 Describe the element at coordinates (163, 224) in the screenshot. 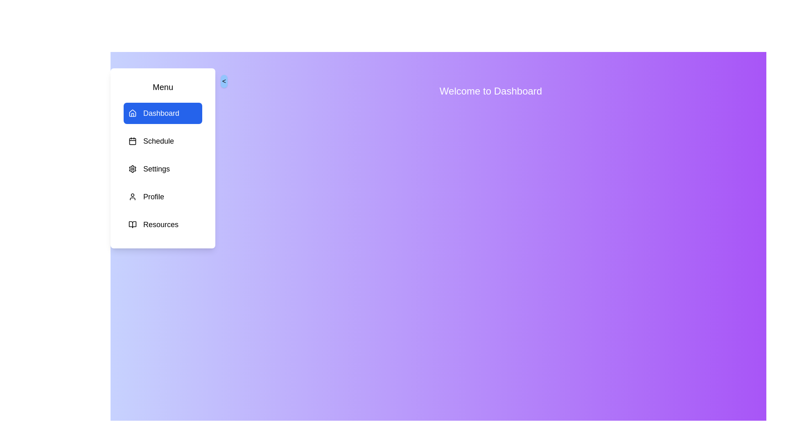

I see `the menu item Resources to navigate to its respective page` at that location.